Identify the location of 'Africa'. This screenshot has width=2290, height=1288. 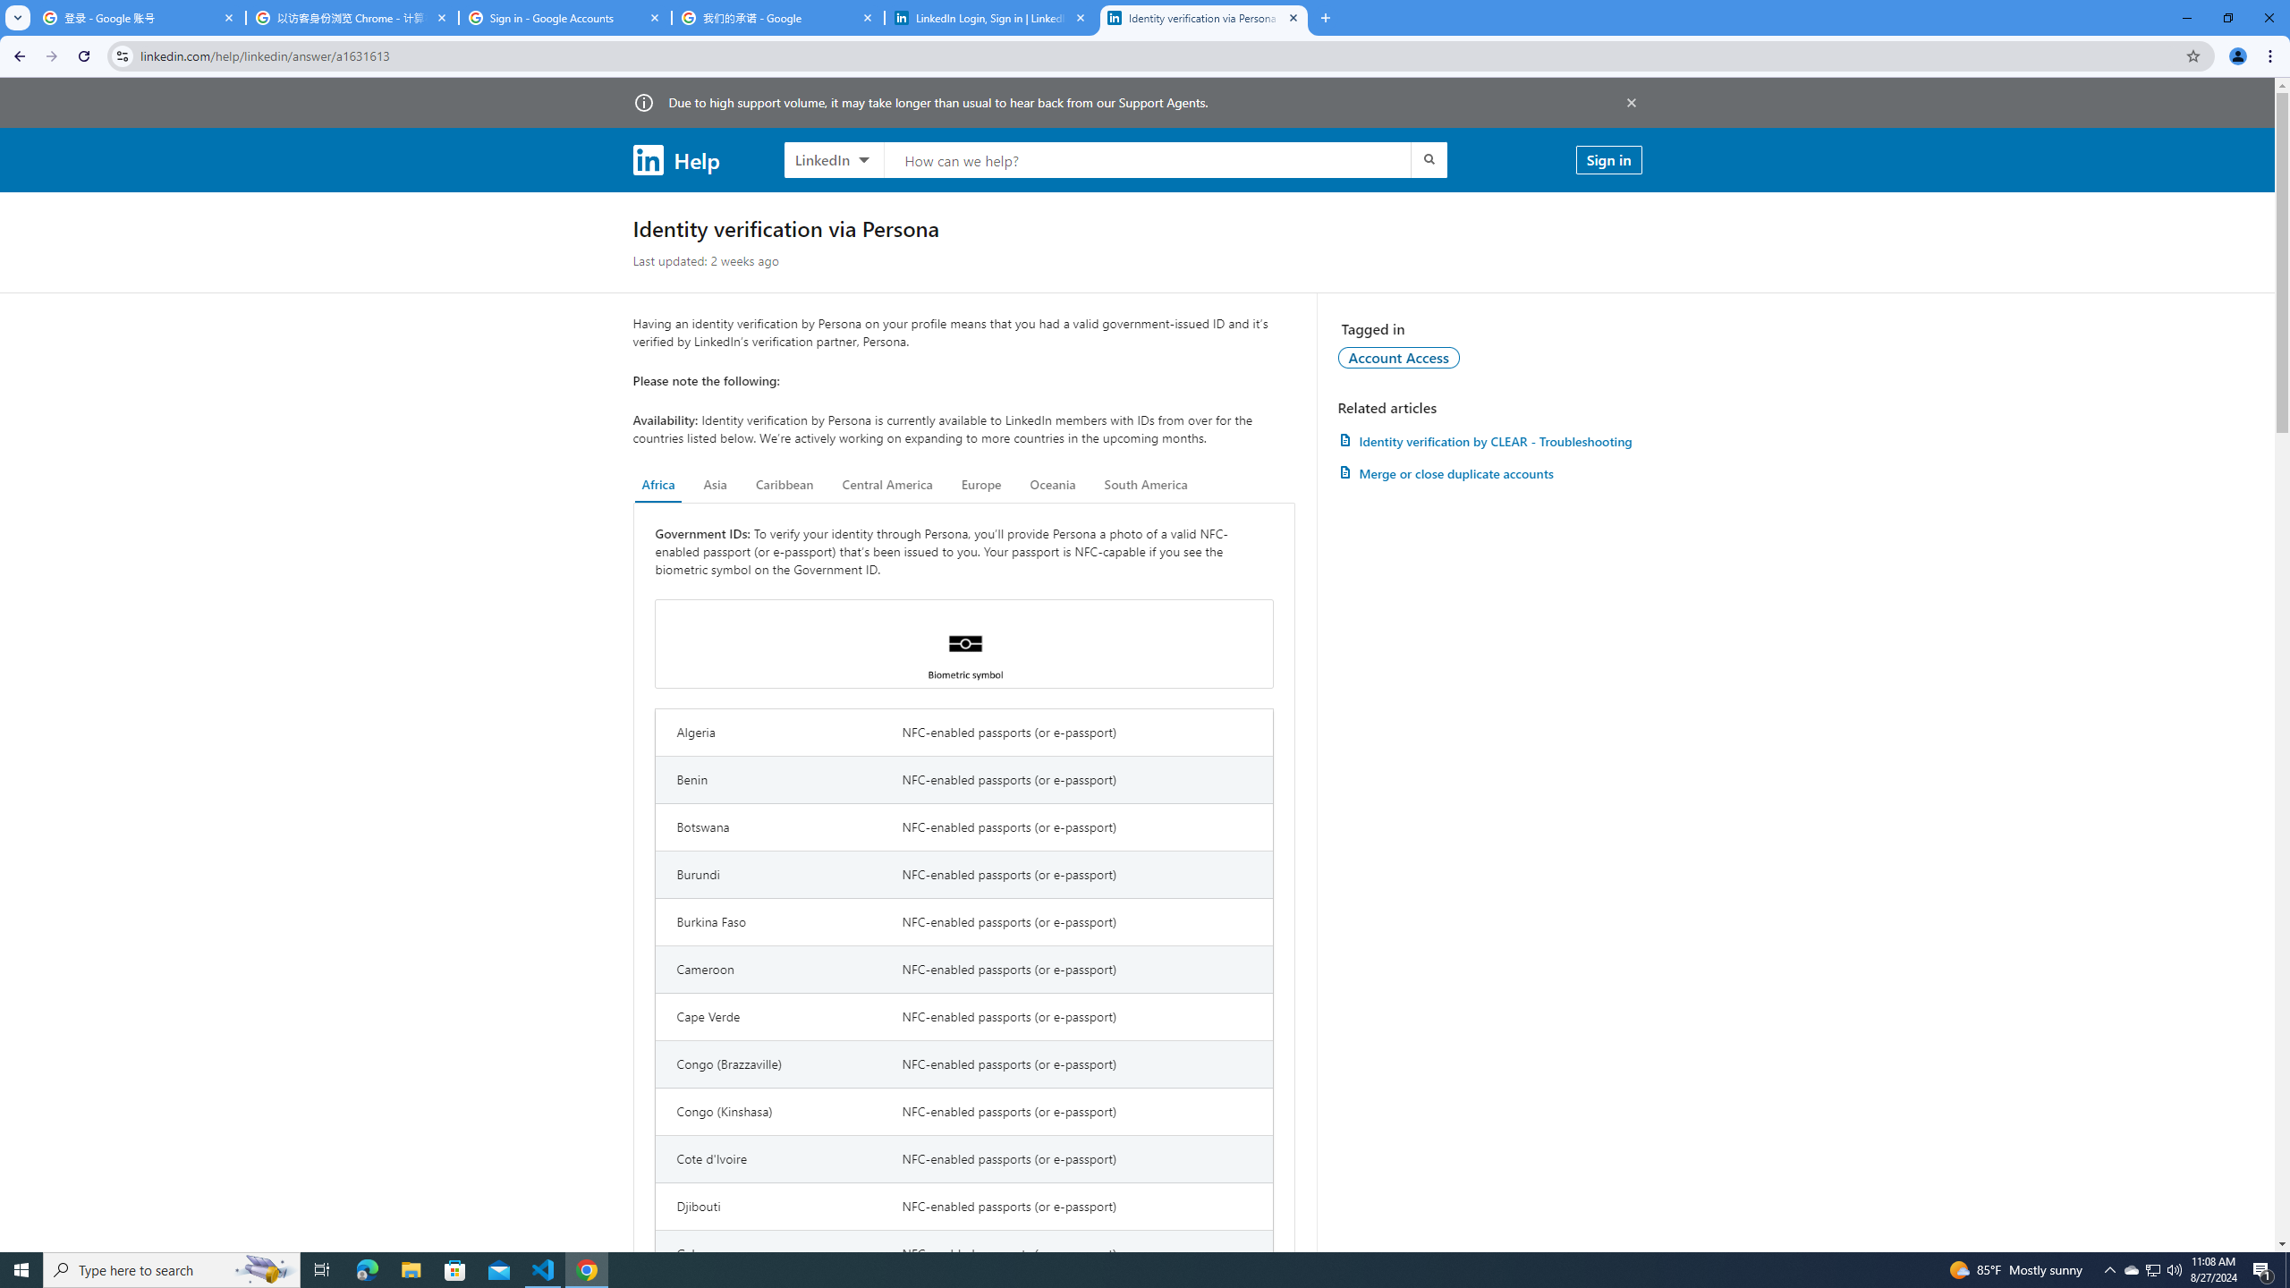
(657, 484).